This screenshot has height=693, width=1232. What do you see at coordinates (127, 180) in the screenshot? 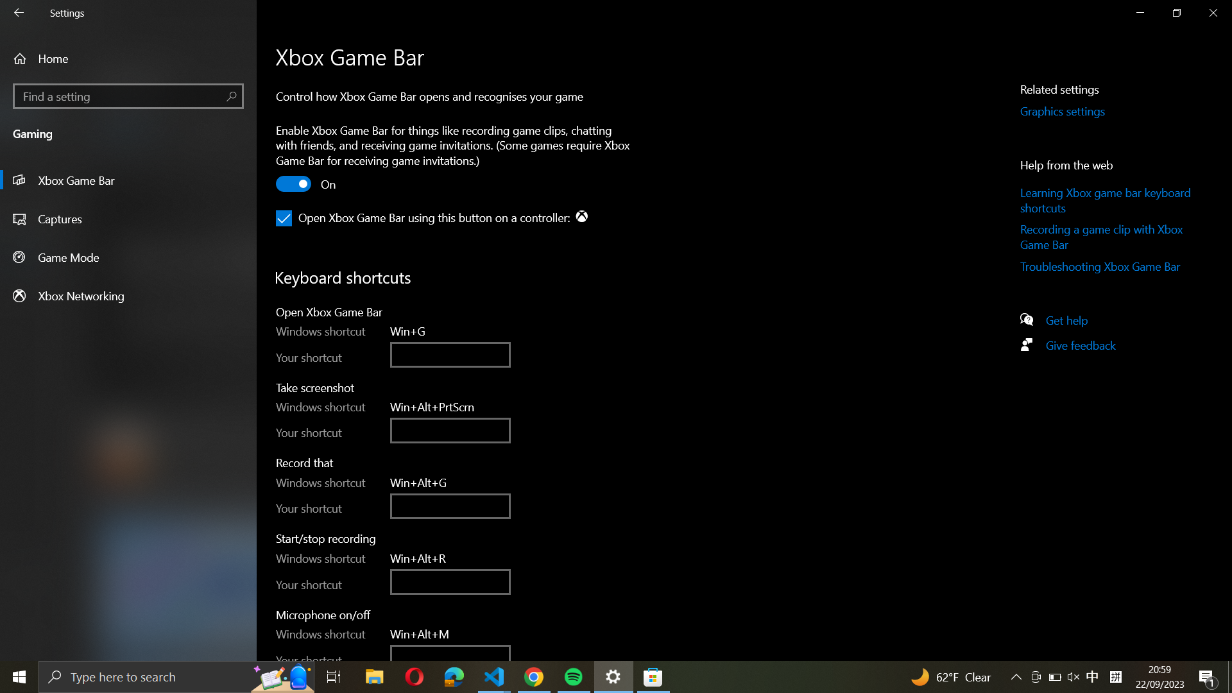
I see `the Game Bar configuration` at bounding box center [127, 180].